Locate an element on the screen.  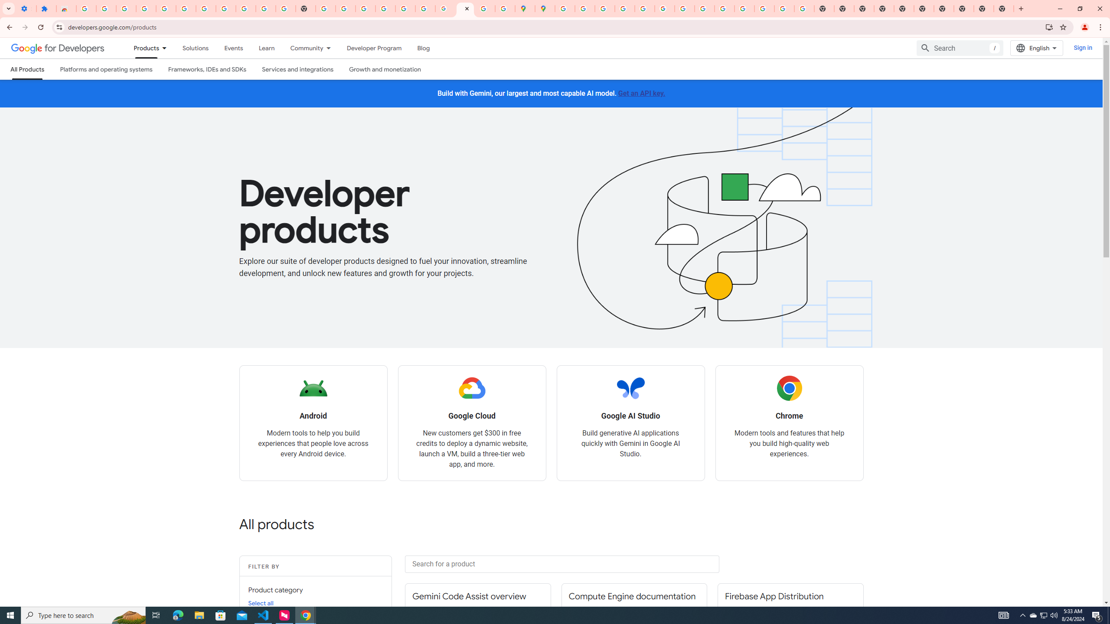
'YouTube' is located at coordinates (684, 8).